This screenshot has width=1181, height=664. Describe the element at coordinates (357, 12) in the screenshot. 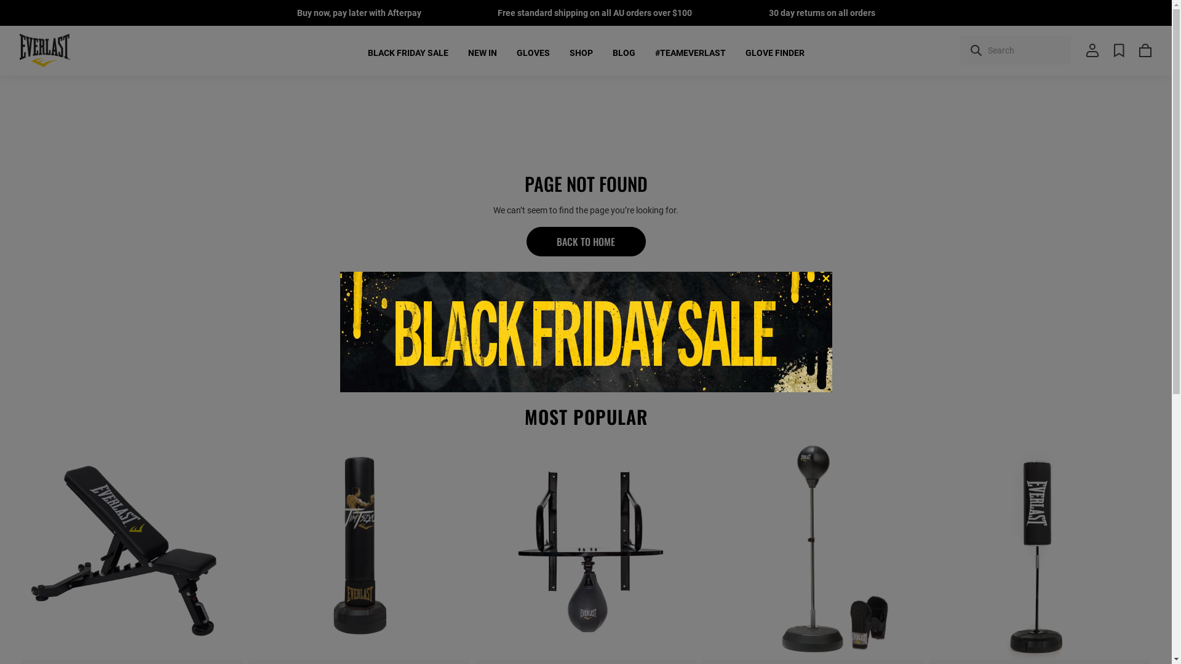

I see `'Buy now, pay later with Afterpay'` at that location.